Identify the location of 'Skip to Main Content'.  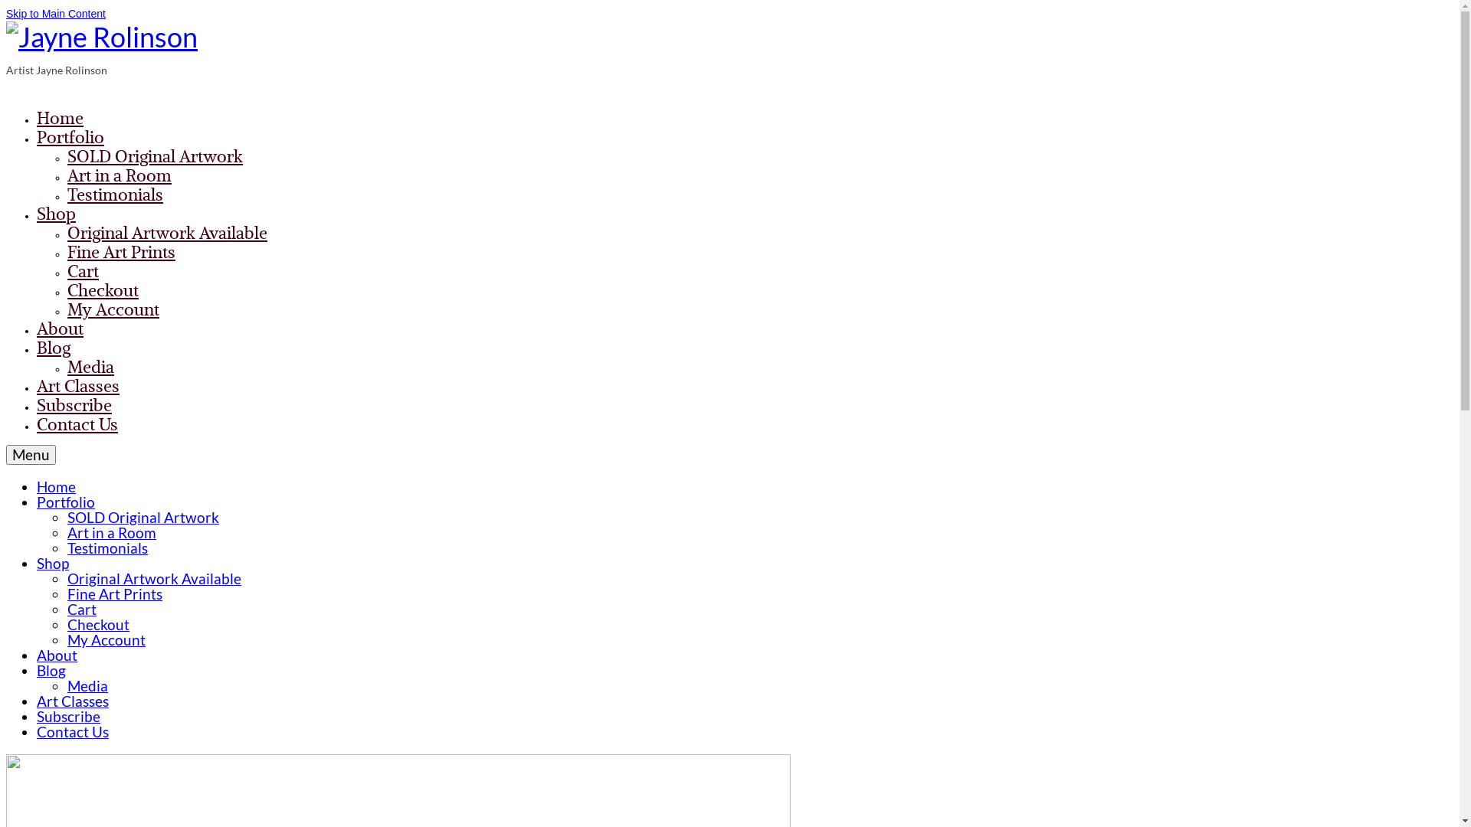
(6, 14).